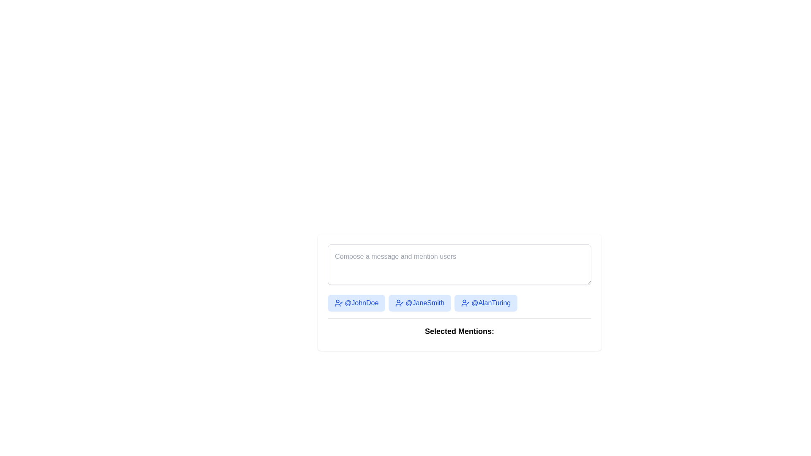 This screenshot has width=811, height=456. What do you see at coordinates (420, 302) in the screenshot?
I see `the user mention button for '@JaneSmith', which is the second button from the left in a row of user mention buttons located beneath the text input area` at bounding box center [420, 302].